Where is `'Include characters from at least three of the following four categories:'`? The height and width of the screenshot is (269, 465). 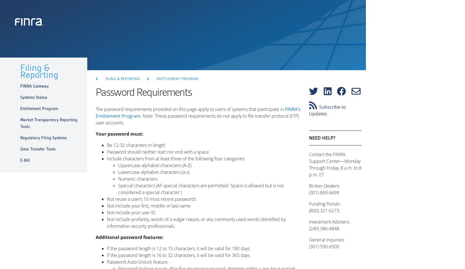
'Include characters from at least three of the following four categories:' is located at coordinates (176, 159).